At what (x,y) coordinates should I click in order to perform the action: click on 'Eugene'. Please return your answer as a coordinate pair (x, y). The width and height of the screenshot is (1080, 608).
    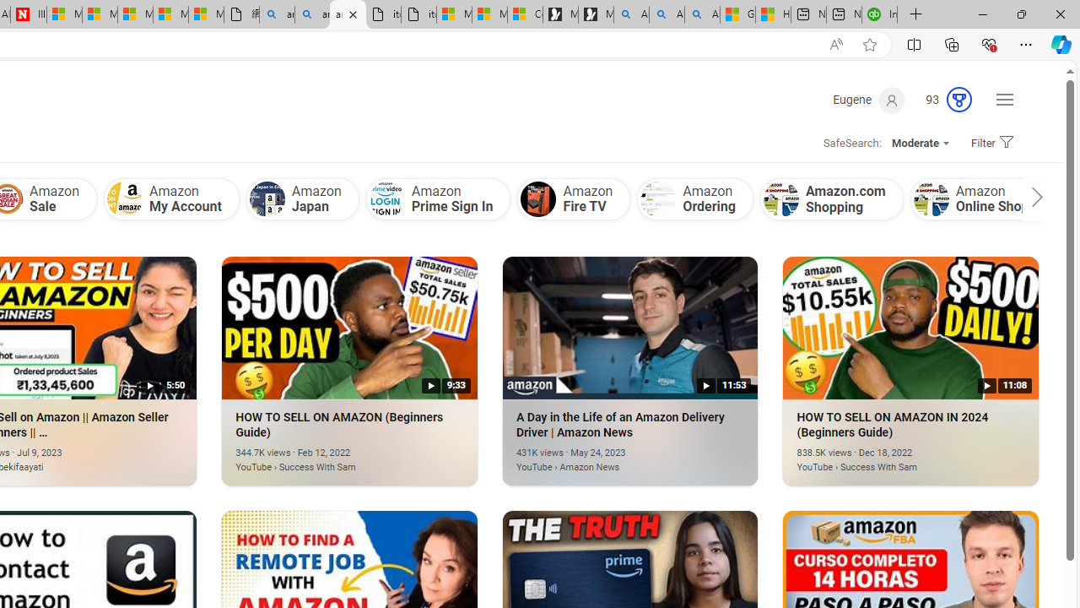
    Looking at the image, I should click on (869, 100).